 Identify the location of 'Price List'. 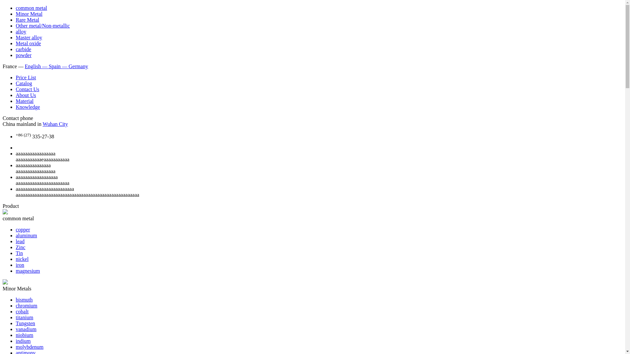
(26, 77).